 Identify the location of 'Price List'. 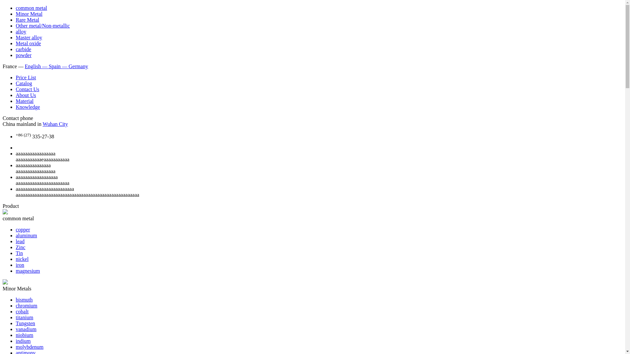
(26, 77).